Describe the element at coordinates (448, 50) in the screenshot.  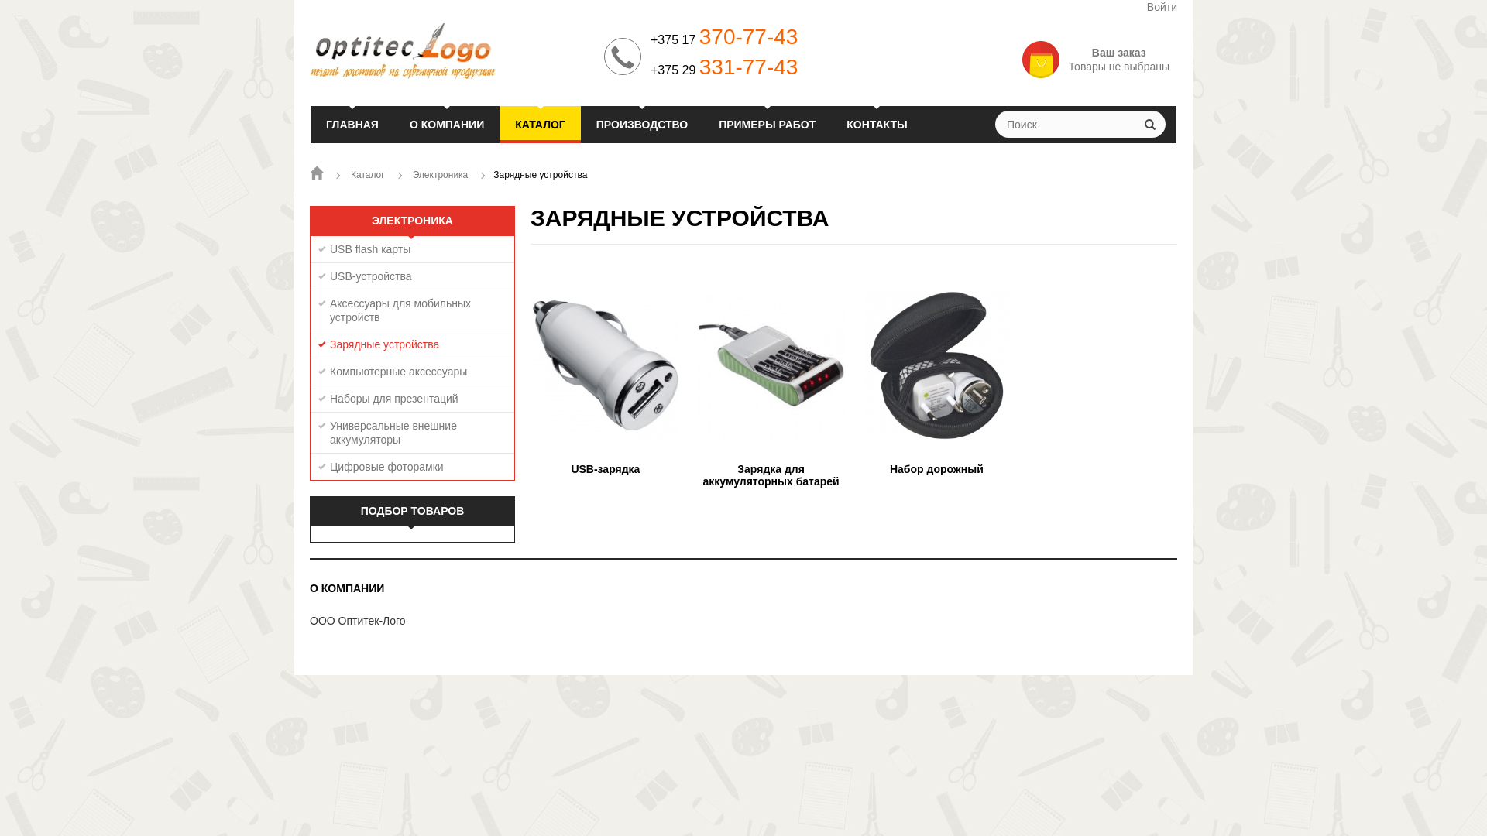
I see `'Stationery store'` at that location.